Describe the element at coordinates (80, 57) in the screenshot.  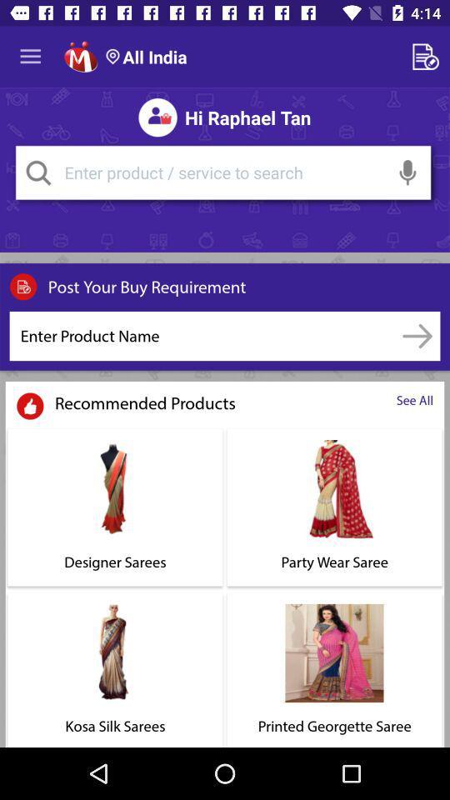
I see `home page` at that location.